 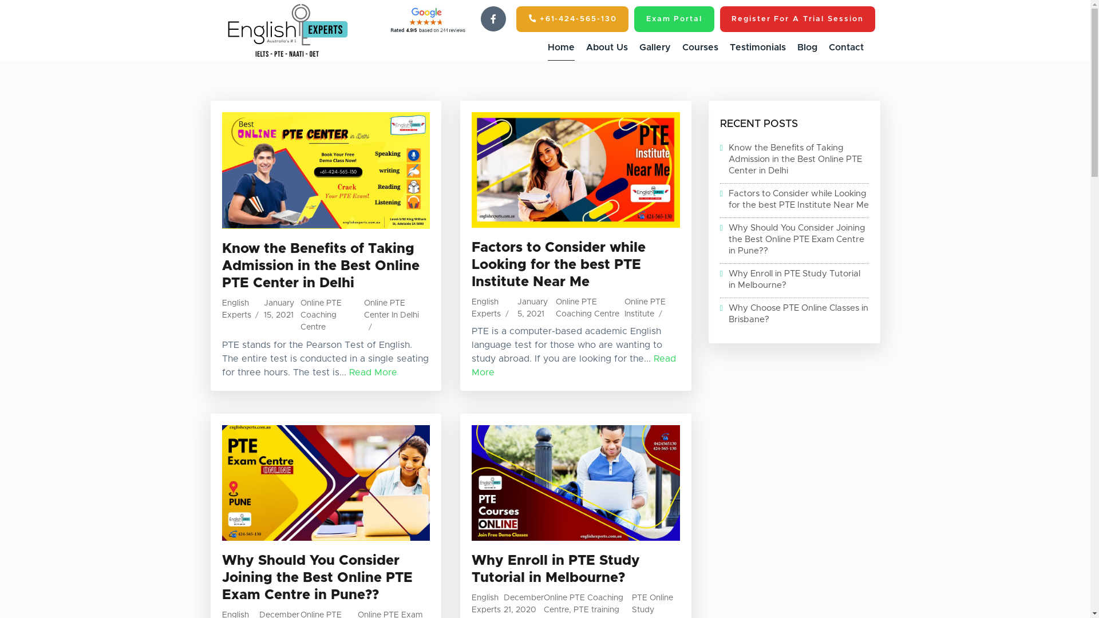 What do you see at coordinates (606, 47) in the screenshot?
I see `'About Us'` at bounding box center [606, 47].